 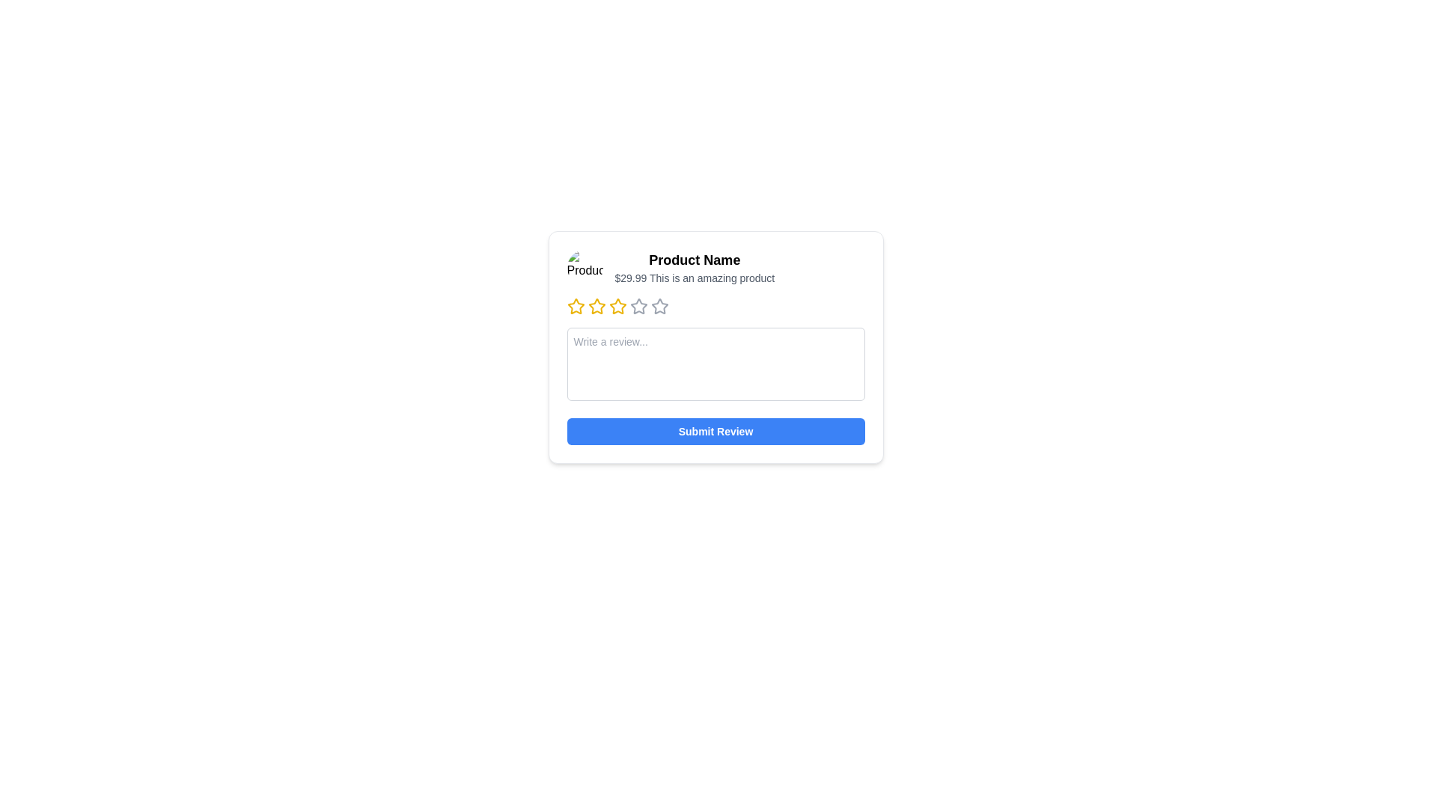 What do you see at coordinates (694, 267) in the screenshot?
I see `the Text content block displaying the name and description of the product, which is located centrally within a card layout, bordered by a rounded rectangle, to the right of an icon and above a star rating component` at bounding box center [694, 267].